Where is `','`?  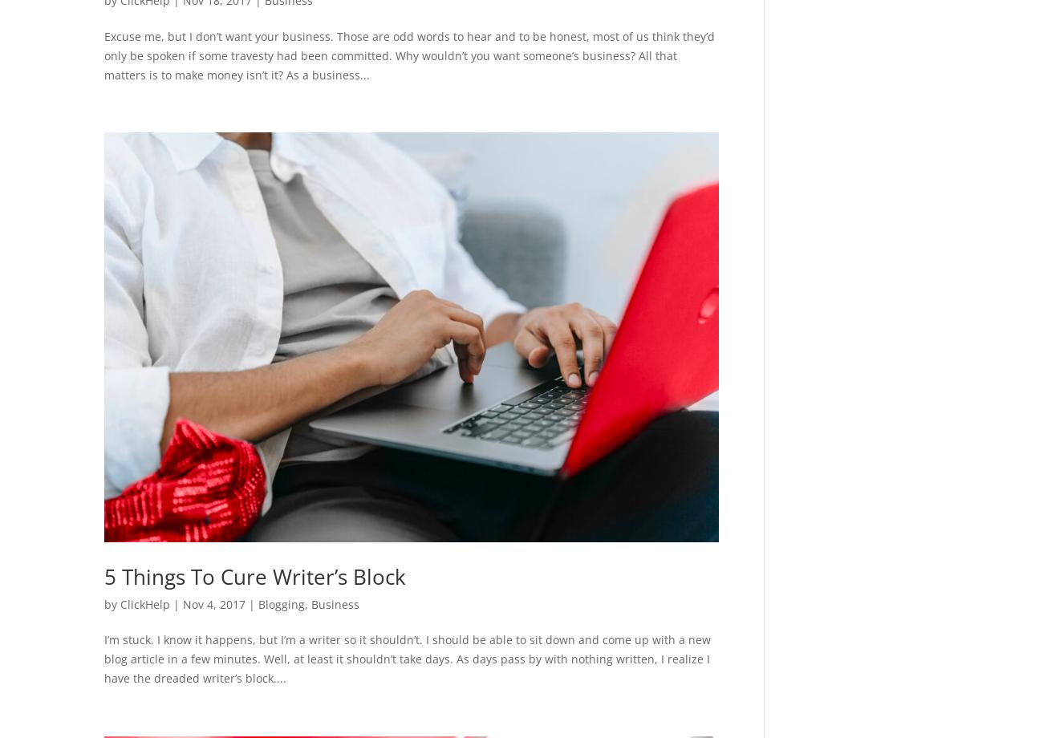 ',' is located at coordinates (308, 603).